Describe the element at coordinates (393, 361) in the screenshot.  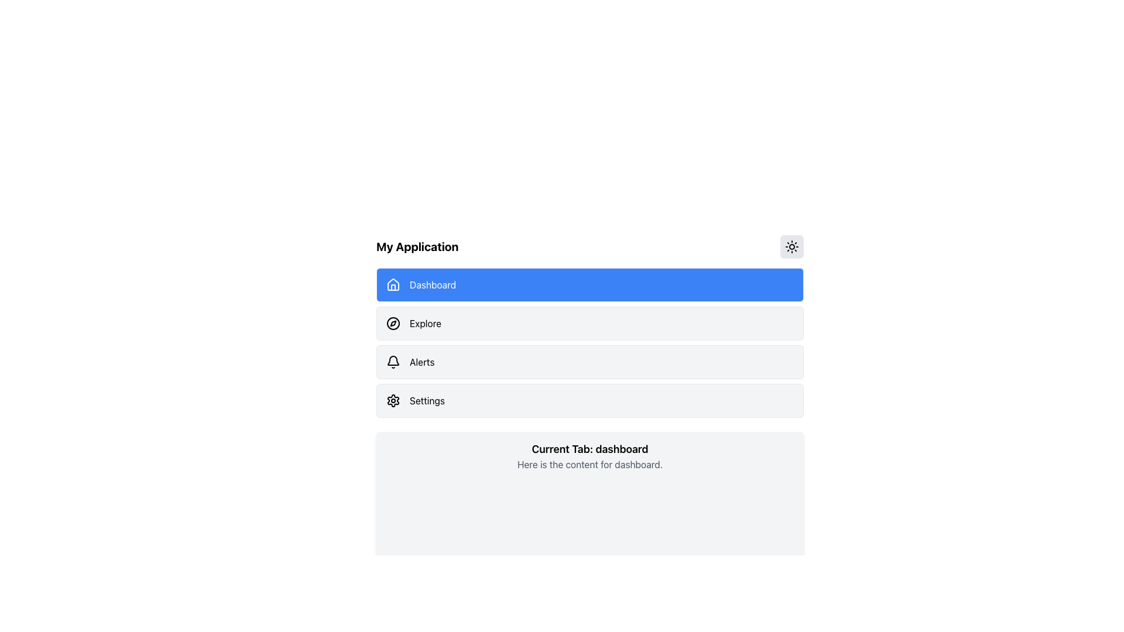
I see `the bell icon representing notifications within the 'Alerts' button group, which is the leftmost icon adjacent to the 'Alerts' label` at that location.